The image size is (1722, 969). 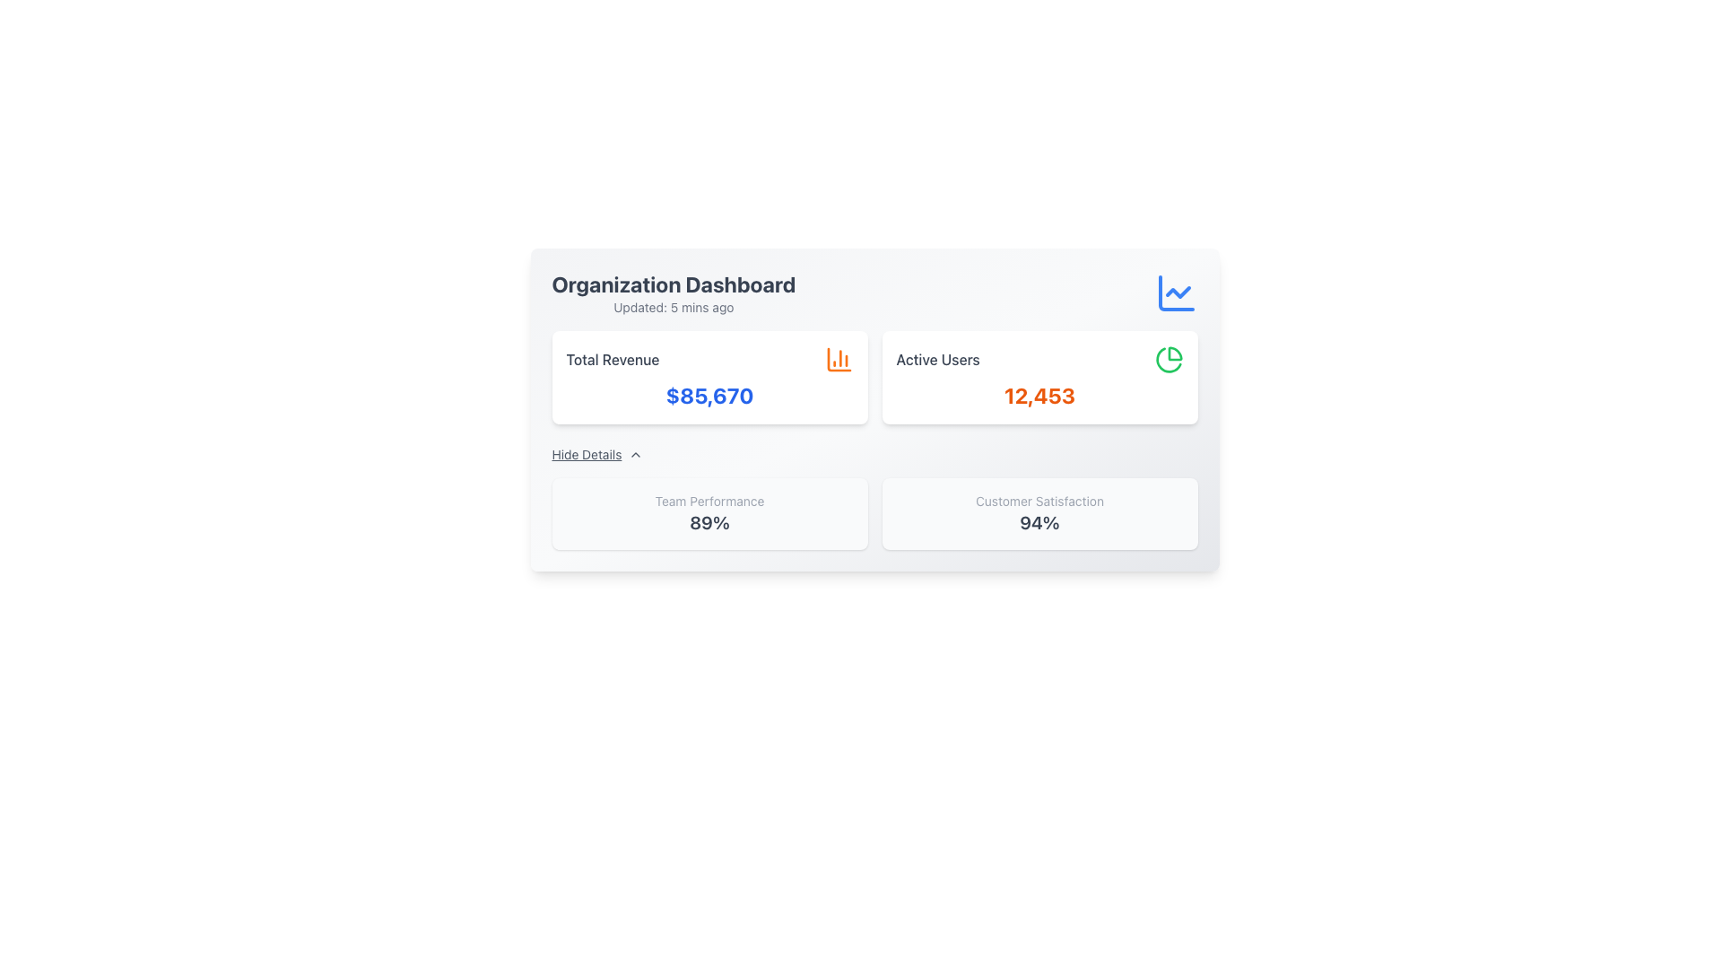 What do you see at coordinates (597, 453) in the screenshot?
I see `the Interactive Link with Icon located just below the main metrics section in the Organization Dashboard` at bounding box center [597, 453].